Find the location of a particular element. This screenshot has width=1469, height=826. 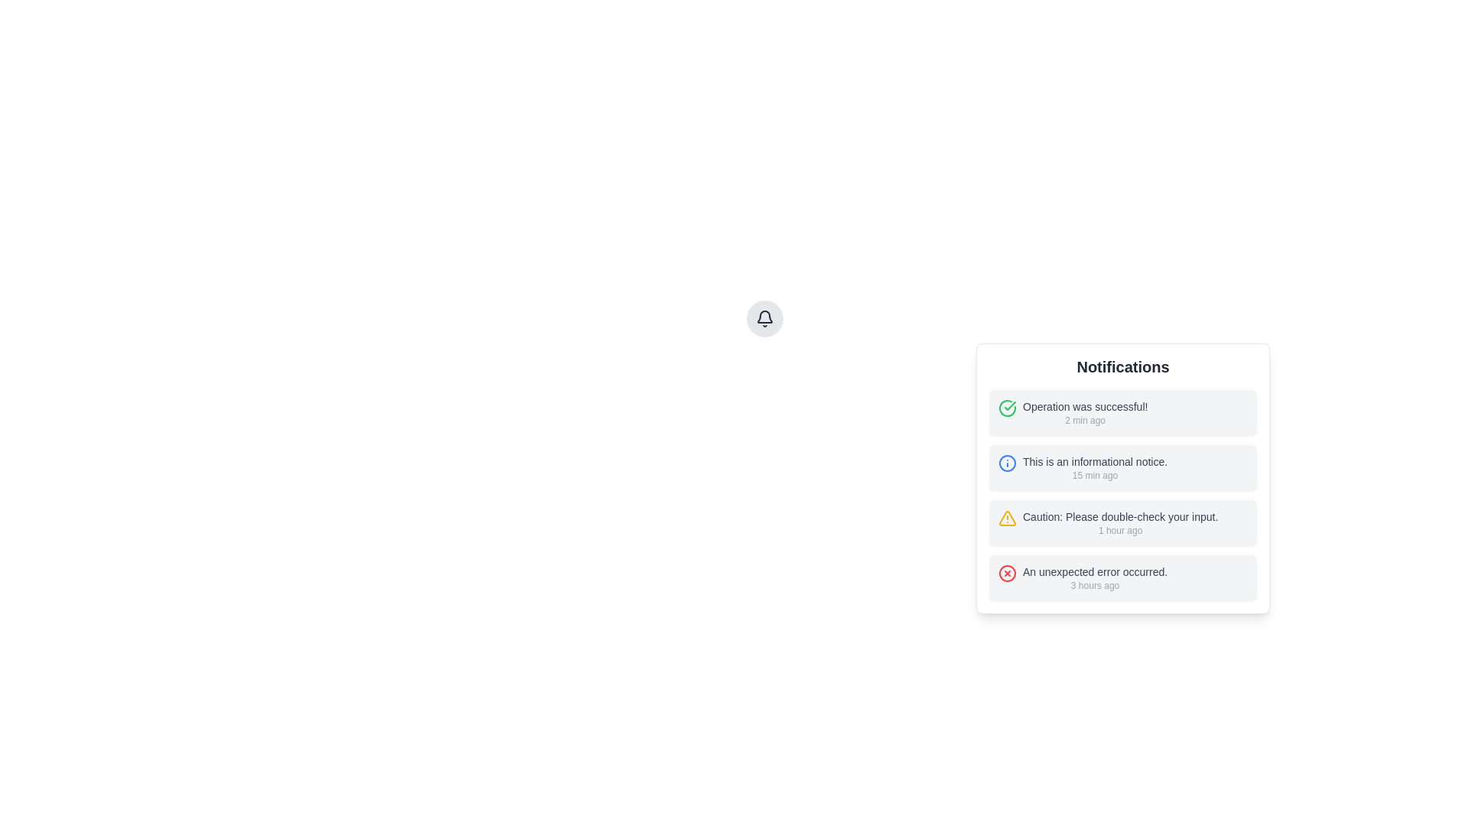

the second entry in the notifications list, which provides an informational notice about a specific event or status is located at coordinates (1094, 467).